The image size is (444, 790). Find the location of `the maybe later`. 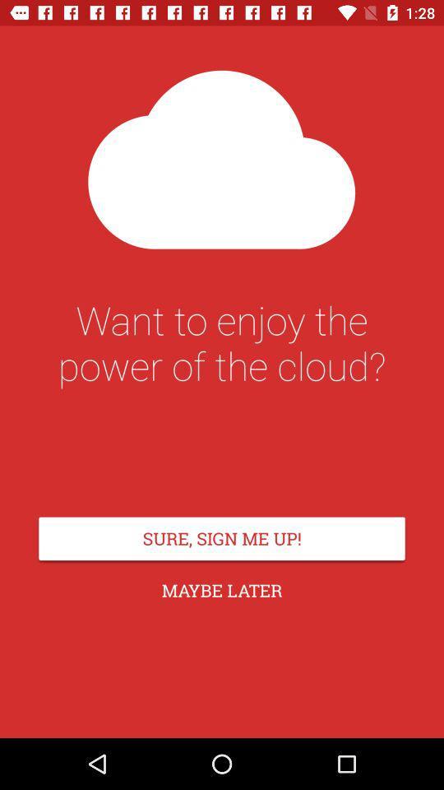

the maybe later is located at coordinates (222, 590).